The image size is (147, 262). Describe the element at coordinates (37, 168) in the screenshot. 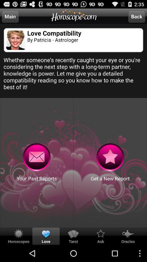

I see `the email icon` at that location.